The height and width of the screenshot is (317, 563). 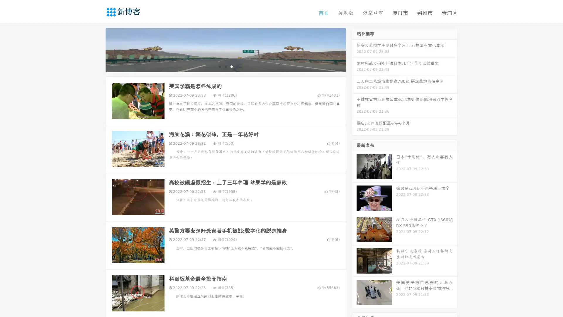 I want to click on Go to slide 2, so click(x=225, y=66).